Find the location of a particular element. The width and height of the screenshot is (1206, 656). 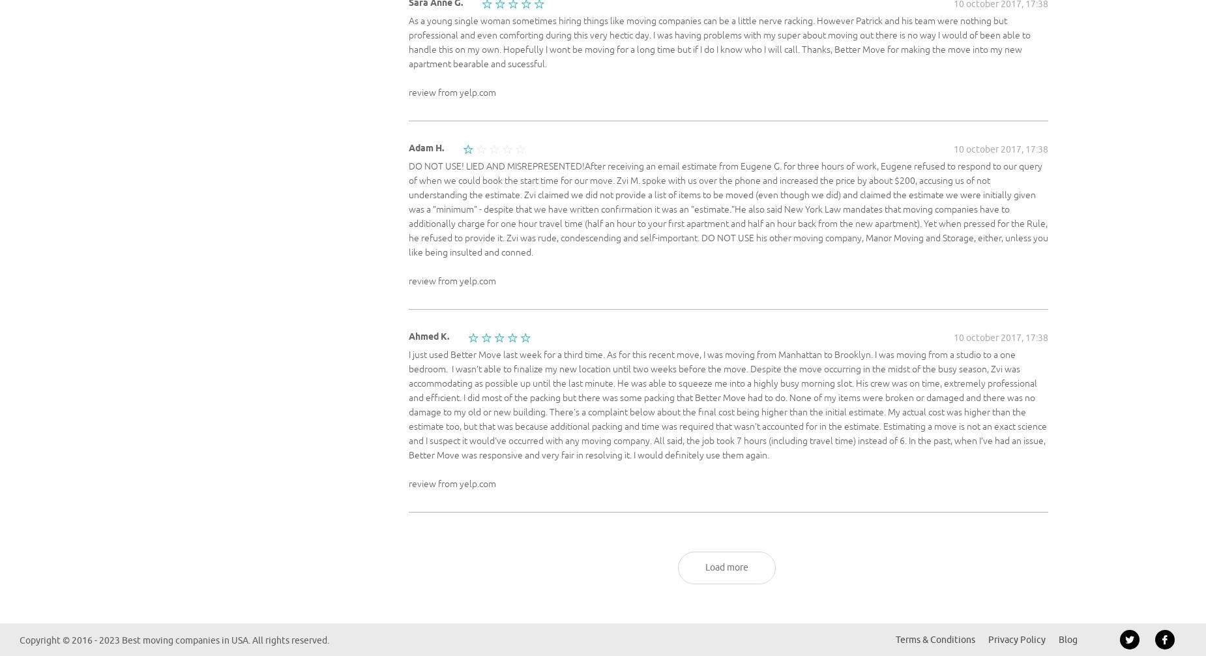

'Ahmed K.' is located at coordinates (429, 335).